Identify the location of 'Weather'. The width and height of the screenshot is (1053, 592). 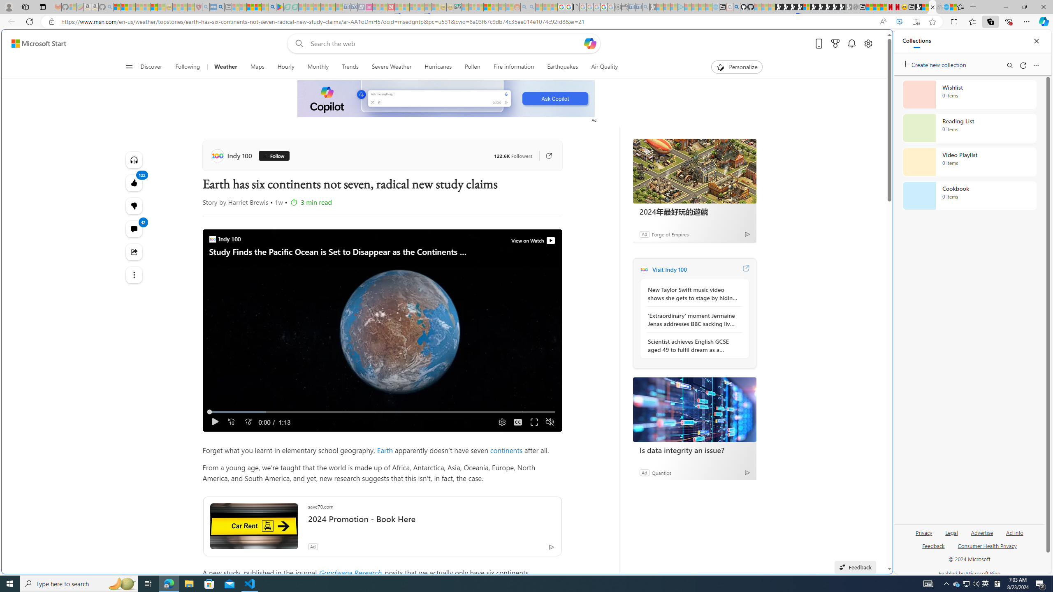
(225, 67).